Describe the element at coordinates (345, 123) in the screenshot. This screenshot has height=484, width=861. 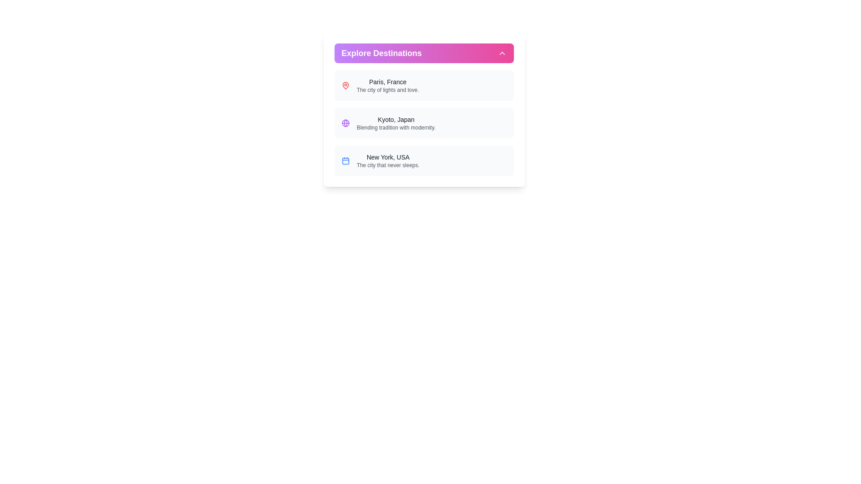
I see `the circular globe-like purple icon located to the left of the 'Kyoto, Japan' label in the 'Explore Destinations' list via tab navigation` at that location.